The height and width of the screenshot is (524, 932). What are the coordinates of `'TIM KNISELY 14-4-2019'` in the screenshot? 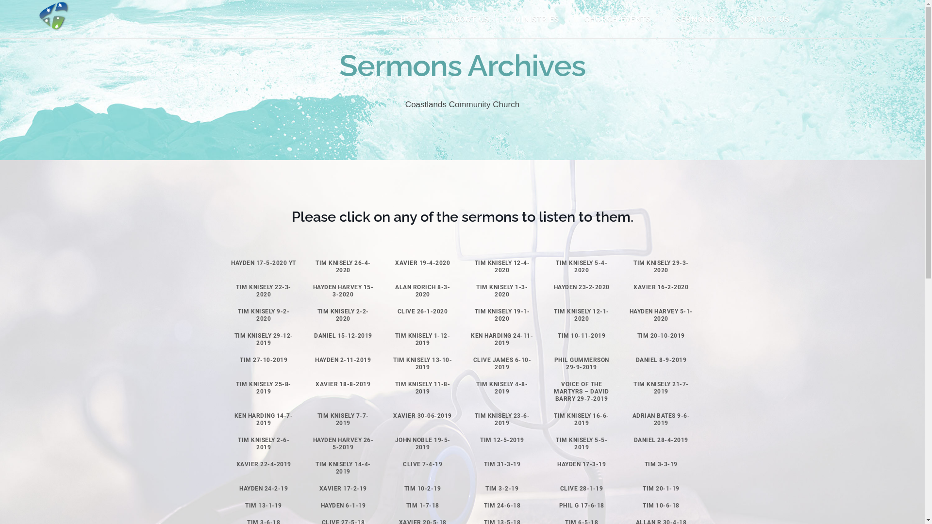 It's located at (315, 467).